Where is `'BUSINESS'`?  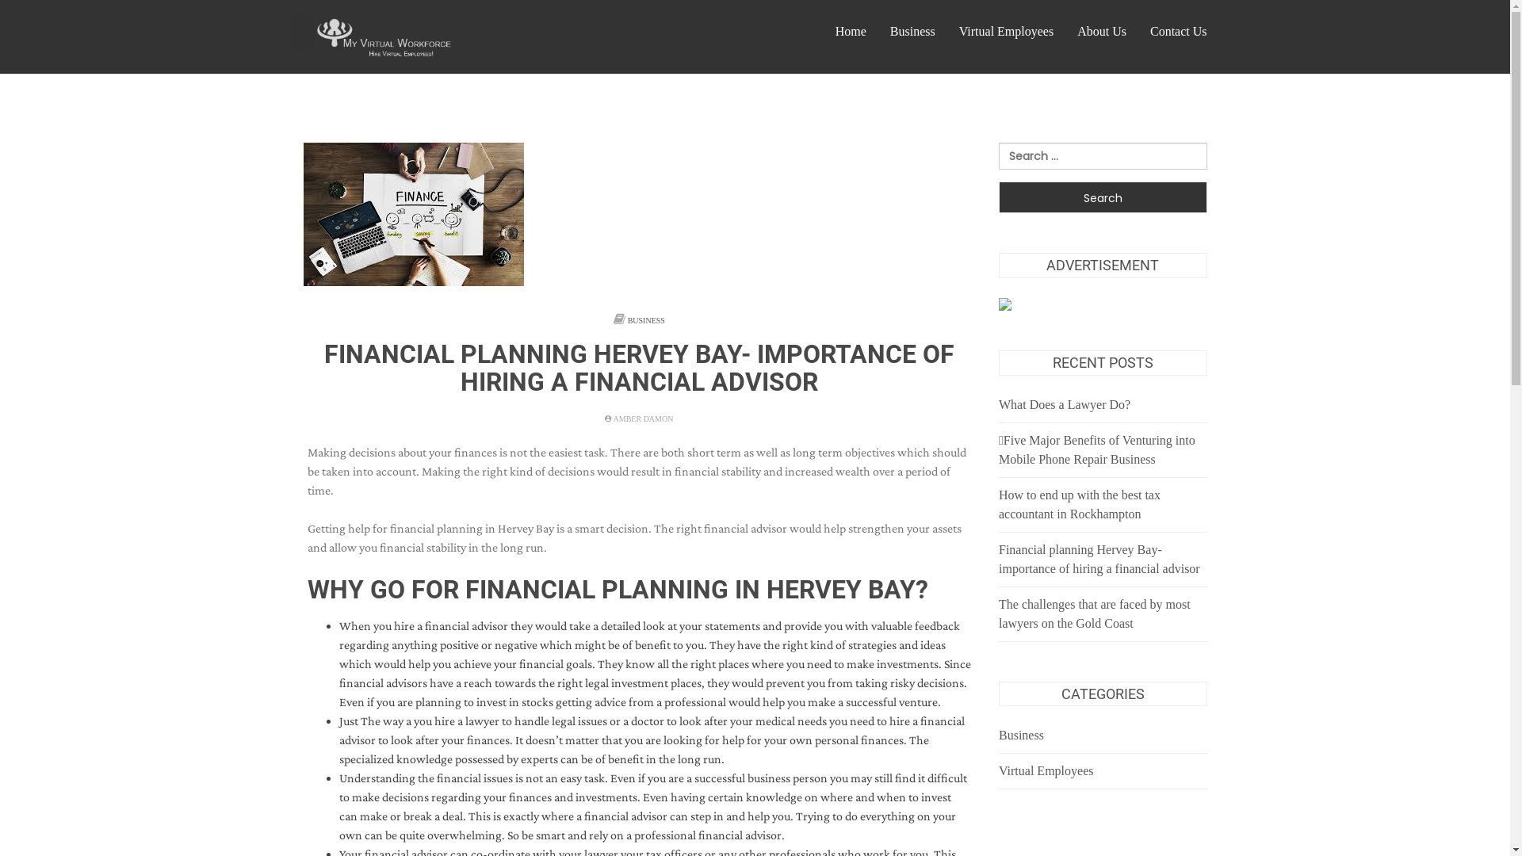 'BUSINESS' is located at coordinates (646, 320).